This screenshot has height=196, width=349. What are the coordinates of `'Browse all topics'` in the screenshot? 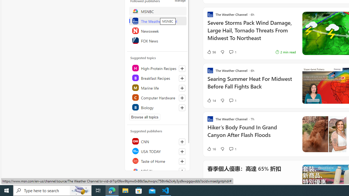 It's located at (145, 117).